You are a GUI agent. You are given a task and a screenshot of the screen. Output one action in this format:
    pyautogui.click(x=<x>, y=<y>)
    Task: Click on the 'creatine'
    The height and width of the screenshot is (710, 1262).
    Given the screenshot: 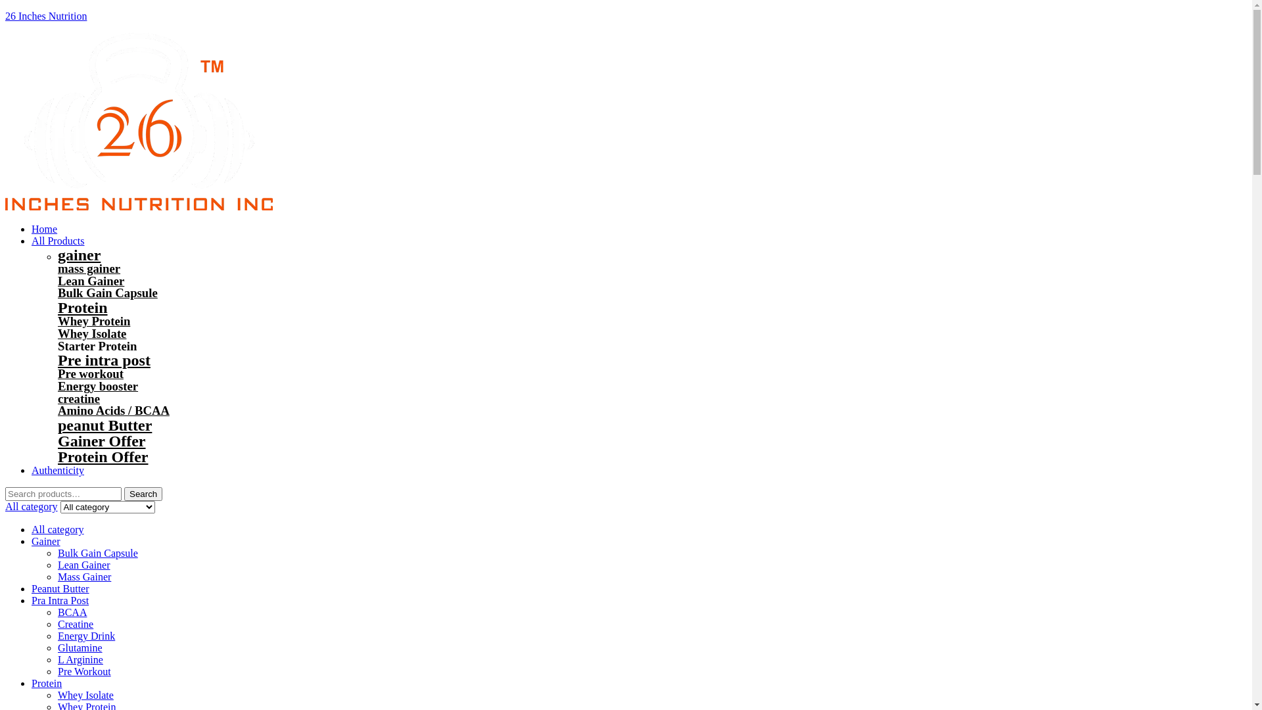 What is the action you would take?
    pyautogui.click(x=78, y=398)
    